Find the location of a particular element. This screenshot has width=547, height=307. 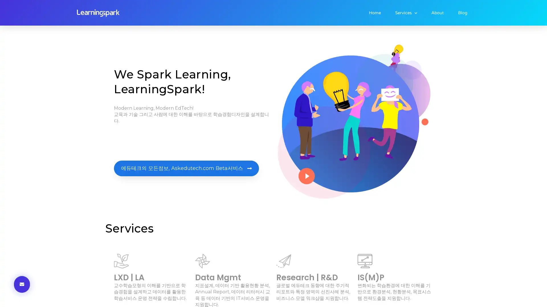

, Askedutech.com Beta is located at coordinates (186, 168).